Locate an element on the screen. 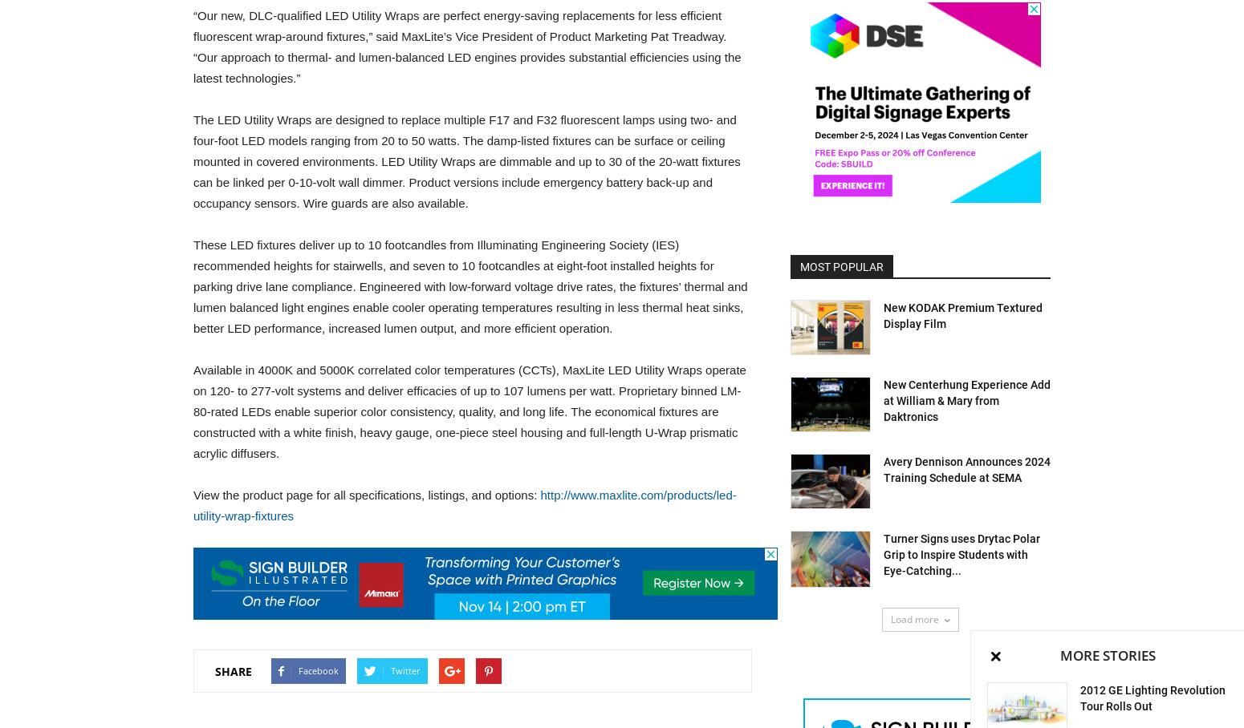  'View the product page for all specifications, listings, and options:' is located at coordinates (366, 494).